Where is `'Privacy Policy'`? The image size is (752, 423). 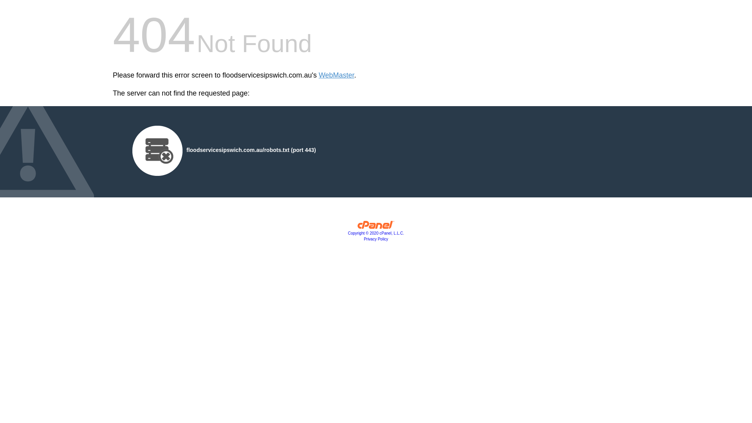 'Privacy Policy' is located at coordinates (376, 239).